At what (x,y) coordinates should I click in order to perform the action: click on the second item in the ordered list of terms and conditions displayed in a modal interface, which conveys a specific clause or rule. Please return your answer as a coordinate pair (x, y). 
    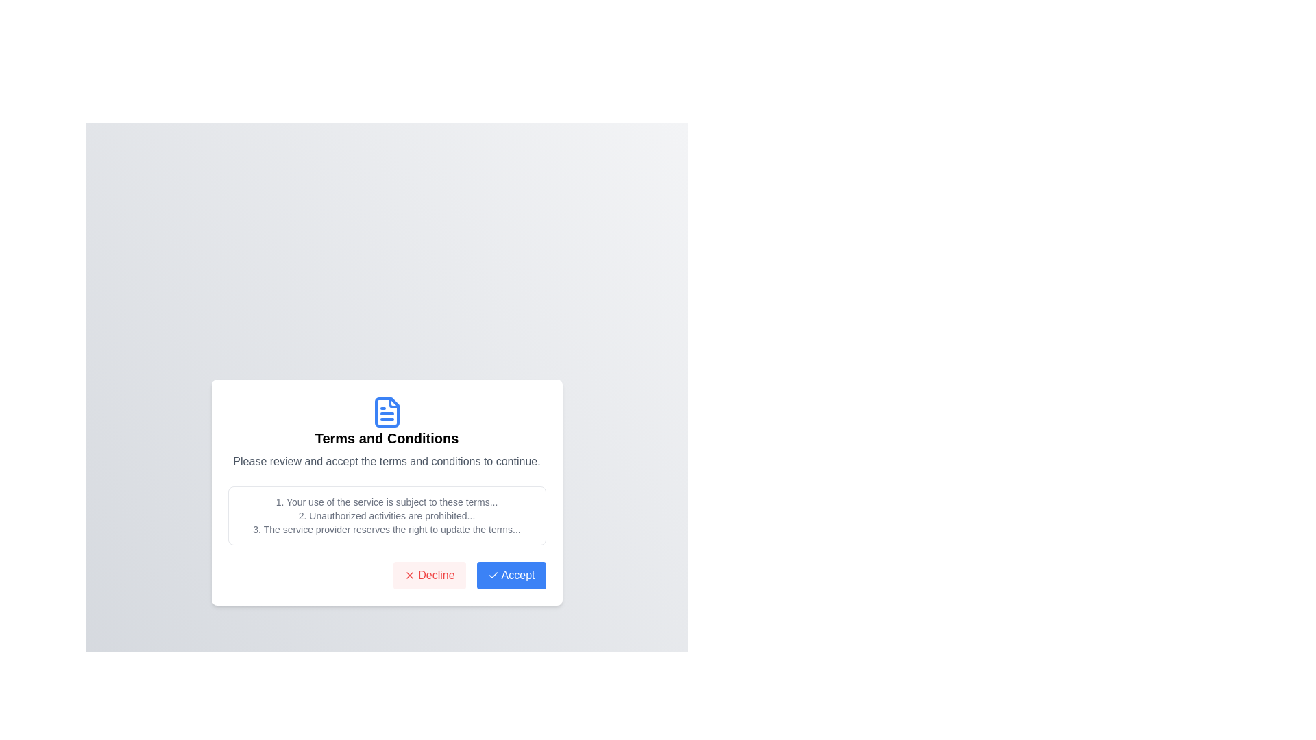
    Looking at the image, I should click on (386, 515).